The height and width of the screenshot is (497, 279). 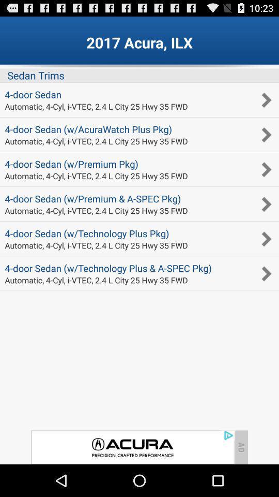 I want to click on redirects the user to a website, so click(x=132, y=447).